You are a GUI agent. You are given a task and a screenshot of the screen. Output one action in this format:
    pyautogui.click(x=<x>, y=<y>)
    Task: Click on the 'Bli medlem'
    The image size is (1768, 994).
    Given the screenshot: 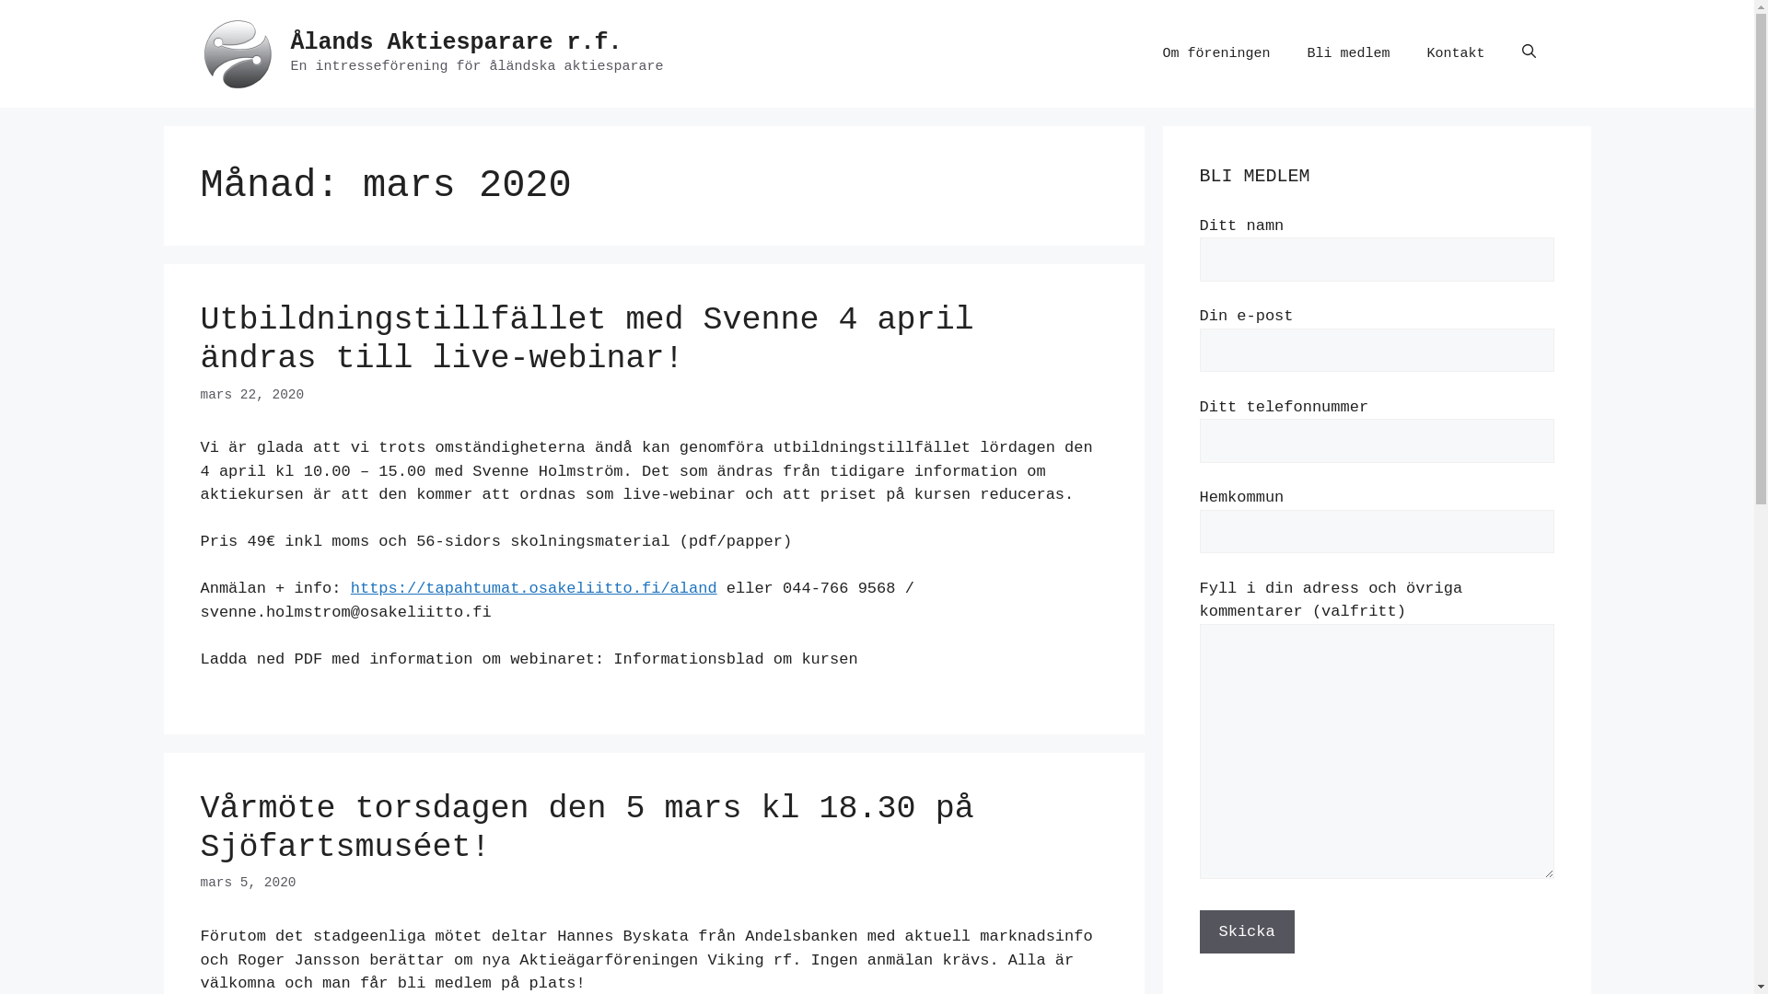 What is the action you would take?
    pyautogui.click(x=1348, y=52)
    